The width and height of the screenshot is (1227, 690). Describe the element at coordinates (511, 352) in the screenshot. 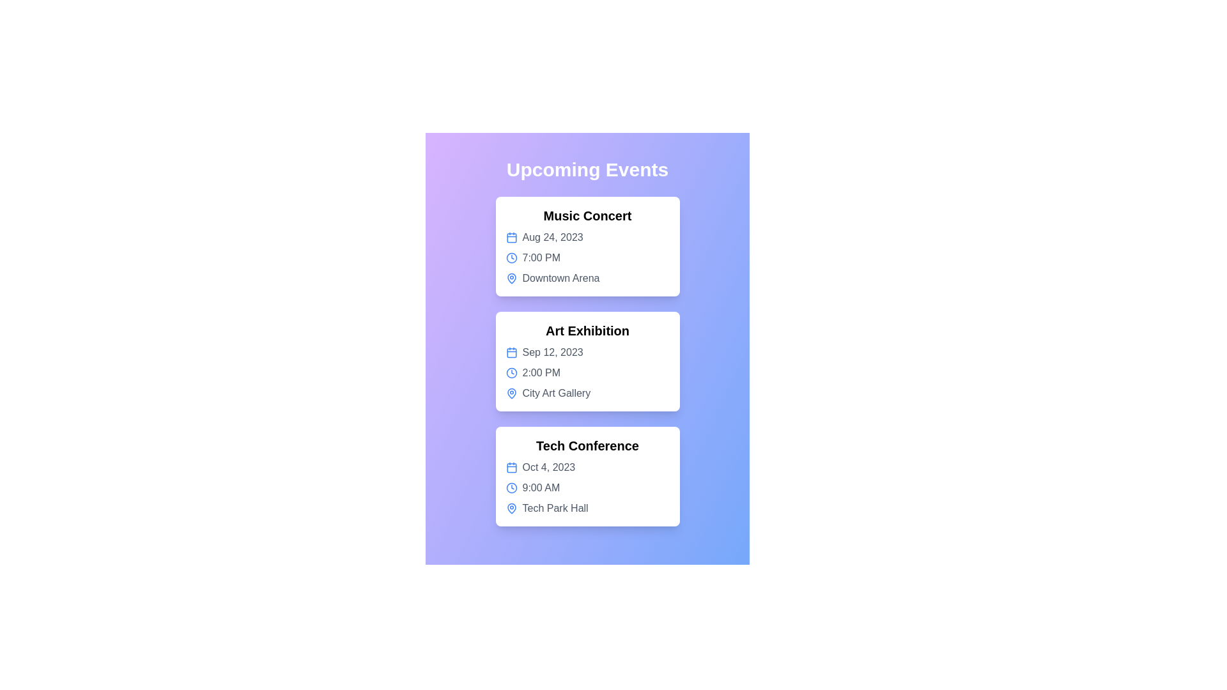

I see `the small, blue-outlined calendar icon representing a date, which is located next to the text 'Sep 12, 2023' in the second event card` at that location.